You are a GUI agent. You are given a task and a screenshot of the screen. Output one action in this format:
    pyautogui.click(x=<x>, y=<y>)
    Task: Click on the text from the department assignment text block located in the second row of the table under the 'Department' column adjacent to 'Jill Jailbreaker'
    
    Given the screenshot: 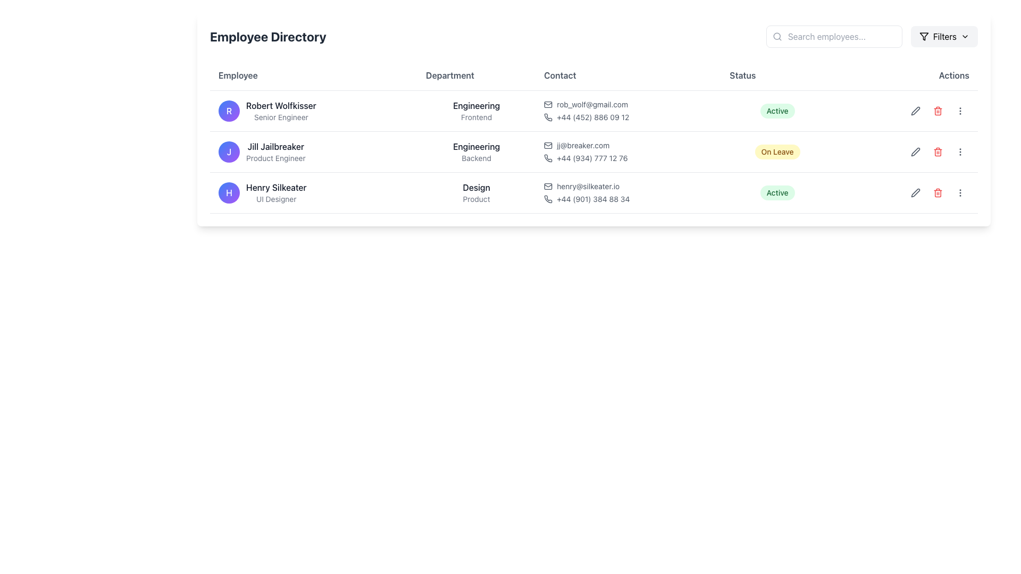 What is the action you would take?
    pyautogui.click(x=476, y=151)
    